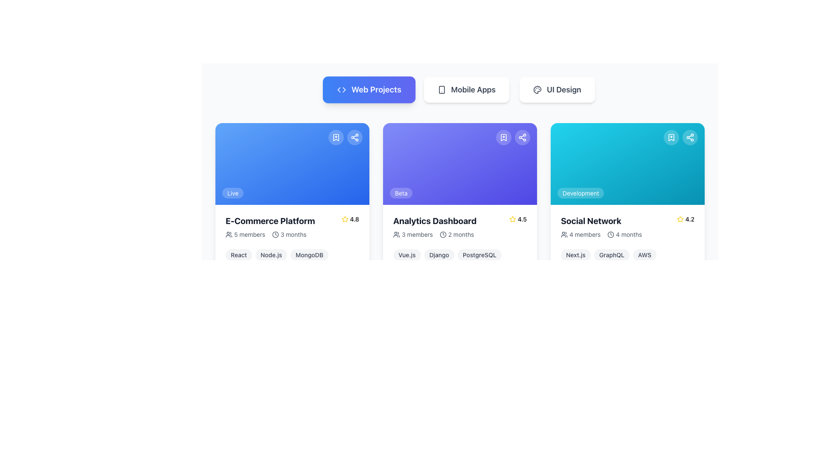 The width and height of the screenshot is (819, 460). What do you see at coordinates (522, 137) in the screenshot?
I see `the share icon located at the top-right corner of the second card` at bounding box center [522, 137].